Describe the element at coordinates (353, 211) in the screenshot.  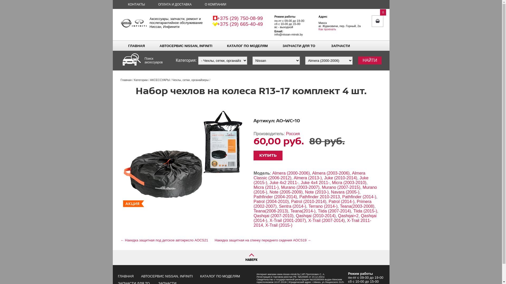
I see `'Tiida (2015-)'` at that location.